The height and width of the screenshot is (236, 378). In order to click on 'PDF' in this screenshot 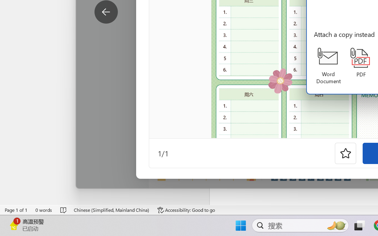, I will do `click(361, 63)`.